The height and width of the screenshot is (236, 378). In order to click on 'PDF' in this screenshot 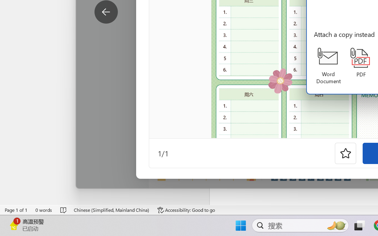, I will do `click(361, 63)`.